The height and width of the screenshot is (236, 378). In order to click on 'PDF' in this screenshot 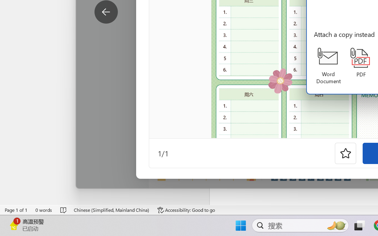, I will do `click(361, 63)`.